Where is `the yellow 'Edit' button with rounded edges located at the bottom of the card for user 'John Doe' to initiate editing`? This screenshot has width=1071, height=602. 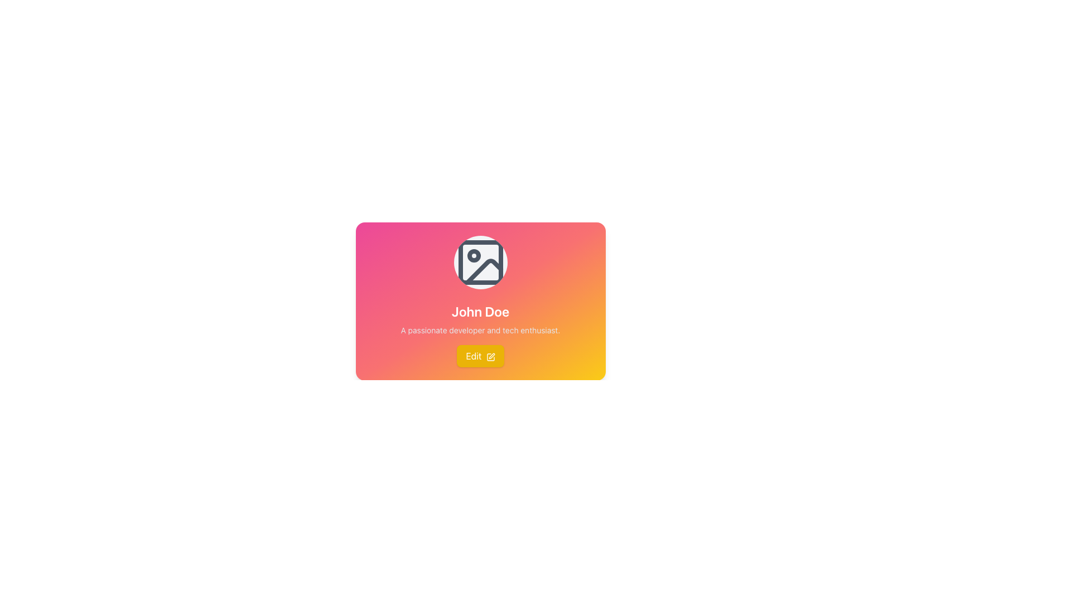 the yellow 'Edit' button with rounded edges located at the bottom of the card for user 'John Doe' to initiate editing is located at coordinates (480, 356).